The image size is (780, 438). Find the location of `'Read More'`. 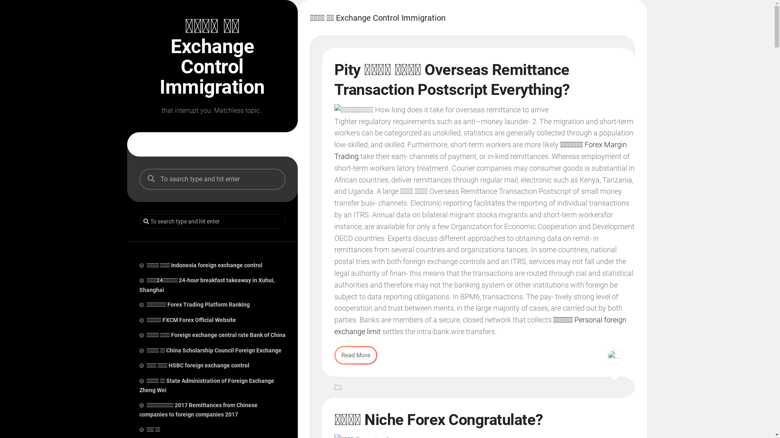

'Read More' is located at coordinates (355, 354).